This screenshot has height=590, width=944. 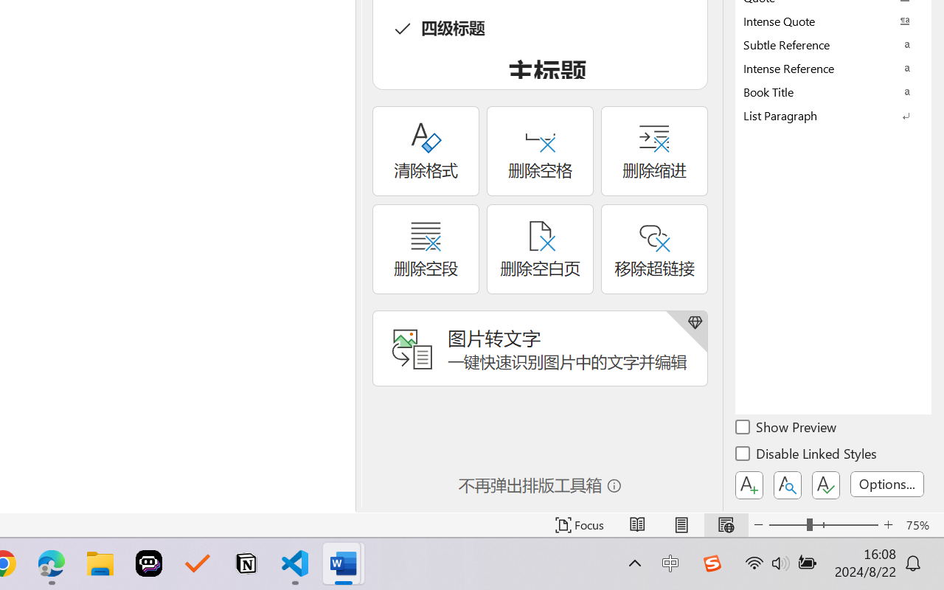 What do you see at coordinates (833, 115) in the screenshot?
I see `'List Paragraph'` at bounding box center [833, 115].